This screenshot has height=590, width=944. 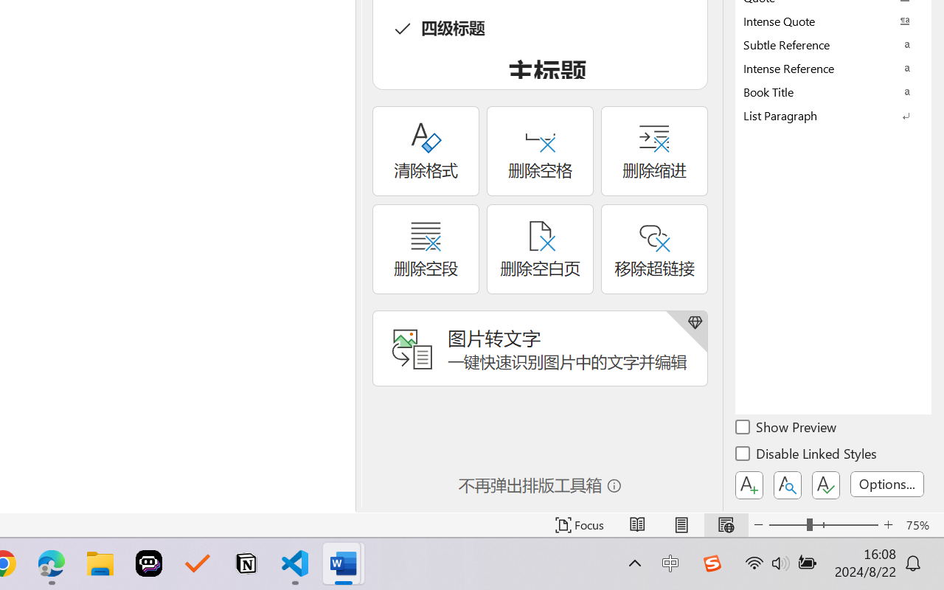 What do you see at coordinates (833, 115) in the screenshot?
I see `'List Paragraph'` at bounding box center [833, 115].